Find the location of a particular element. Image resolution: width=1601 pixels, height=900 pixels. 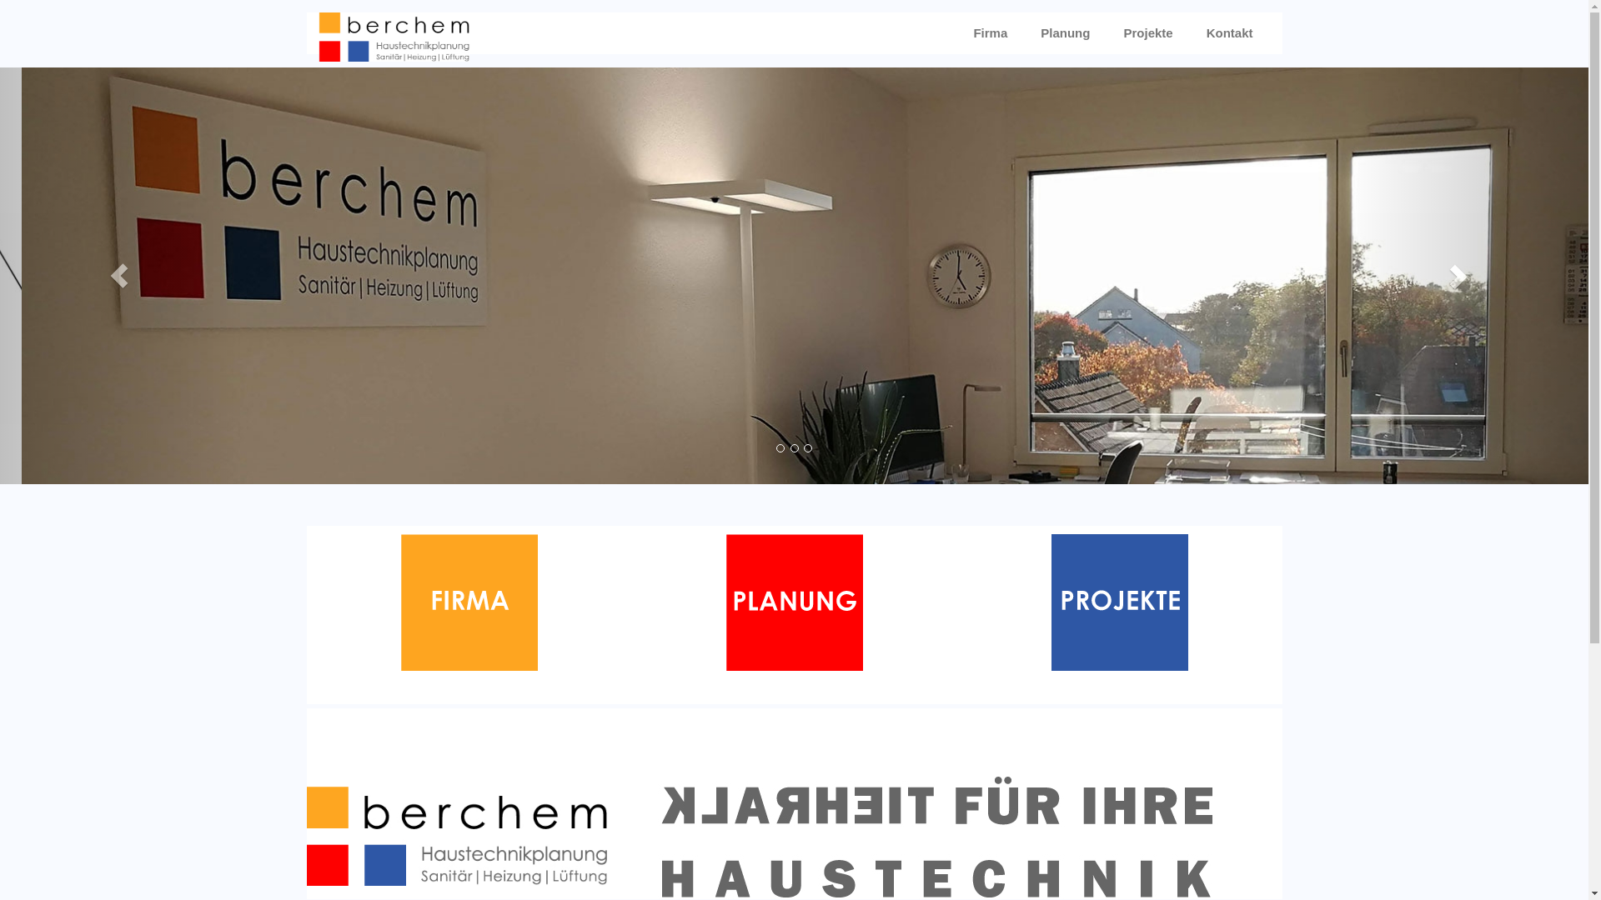

'Kontakt' is located at coordinates (1229, 32).